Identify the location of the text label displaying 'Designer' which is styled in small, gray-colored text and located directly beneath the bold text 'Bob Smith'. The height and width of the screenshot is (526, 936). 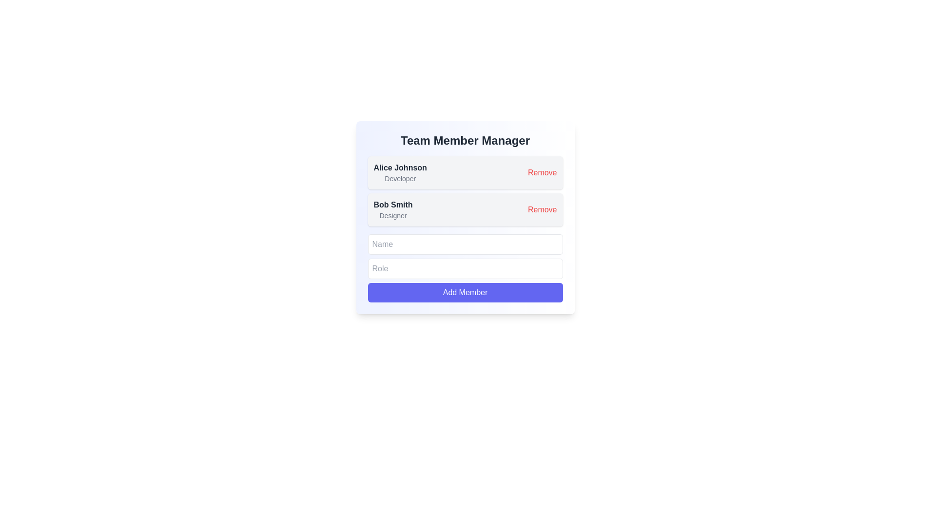
(393, 215).